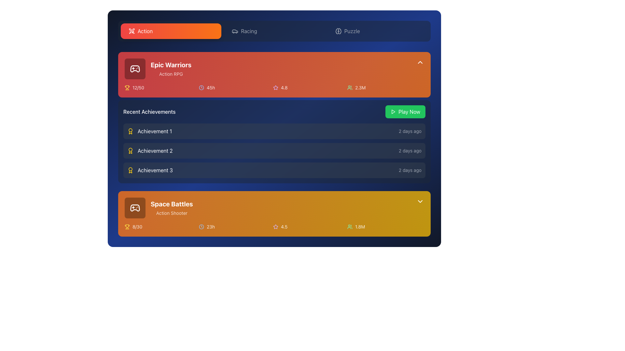 Image resolution: width=625 pixels, height=351 pixels. I want to click on the second entry in the 'Recent Achievements' list, which displays the achievement title and elapsed time since achievement, so click(274, 150).